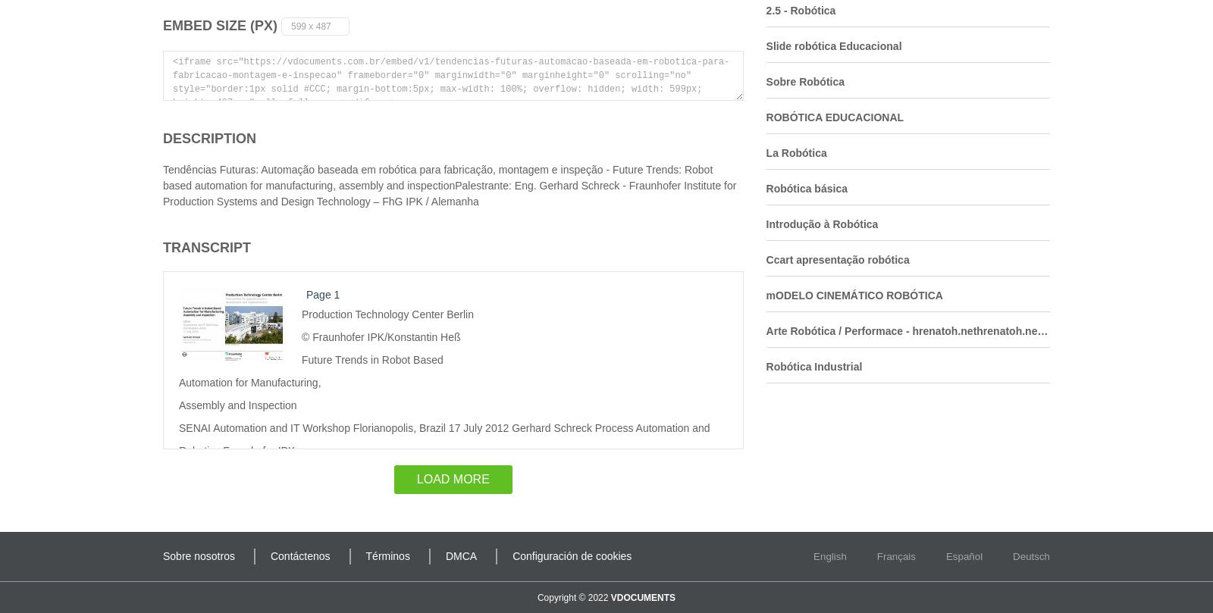 The height and width of the screenshot is (613, 1213). What do you see at coordinates (378, 572) in the screenshot?
I see `'development and implementation'` at bounding box center [378, 572].